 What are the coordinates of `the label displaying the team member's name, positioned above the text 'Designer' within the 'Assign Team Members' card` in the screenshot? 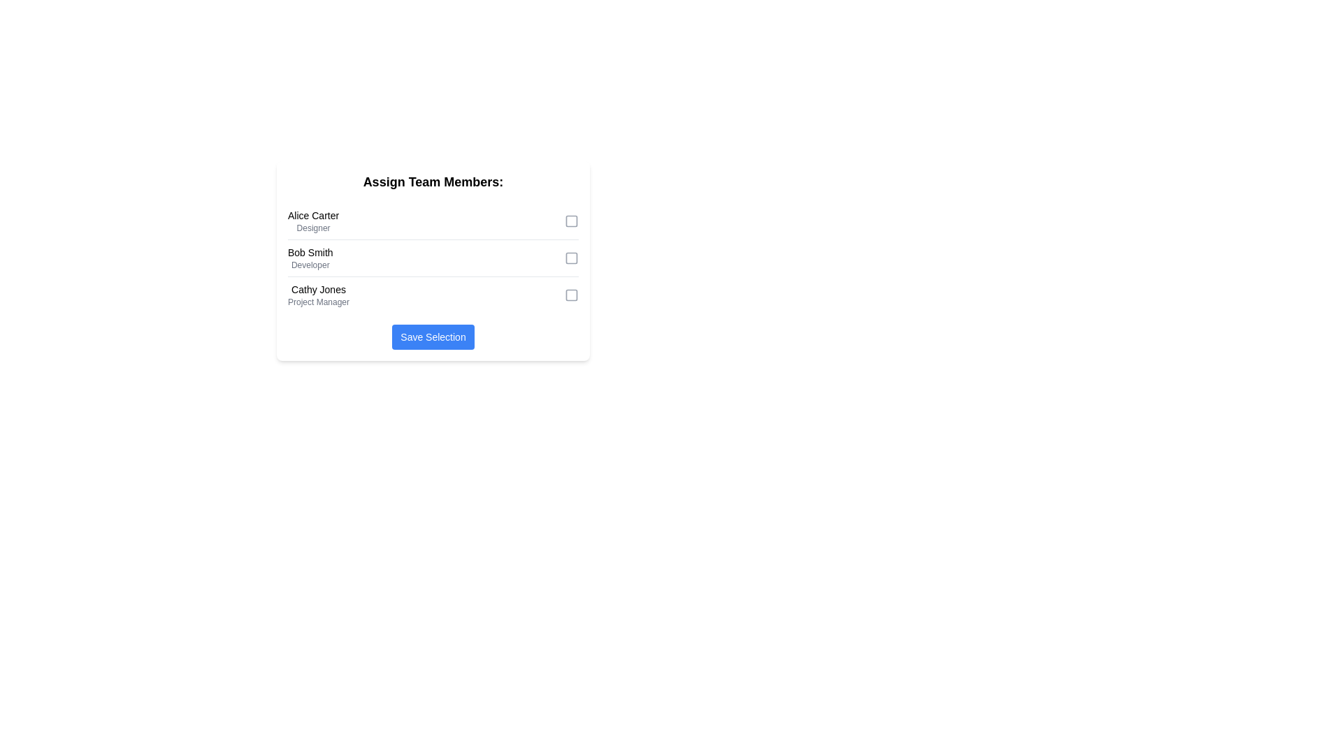 It's located at (312, 215).